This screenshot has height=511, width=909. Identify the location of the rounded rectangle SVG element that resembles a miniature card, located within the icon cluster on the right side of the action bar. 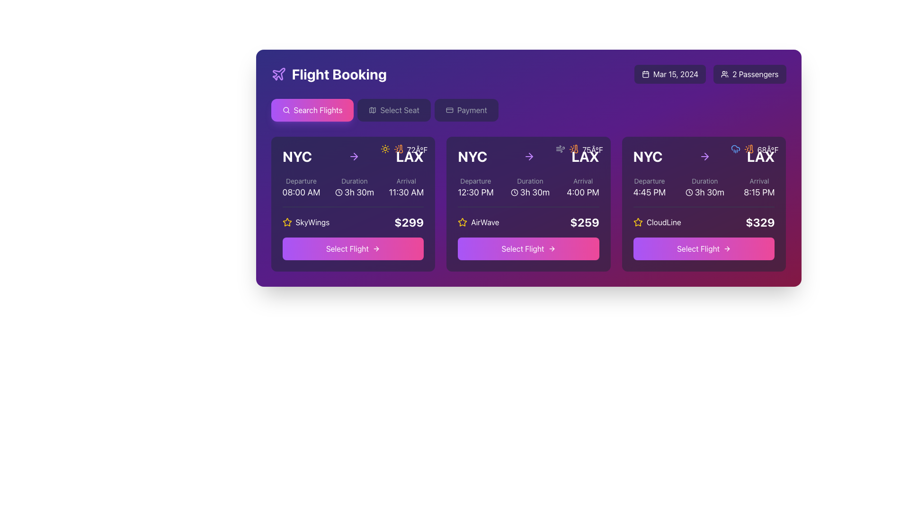
(449, 109).